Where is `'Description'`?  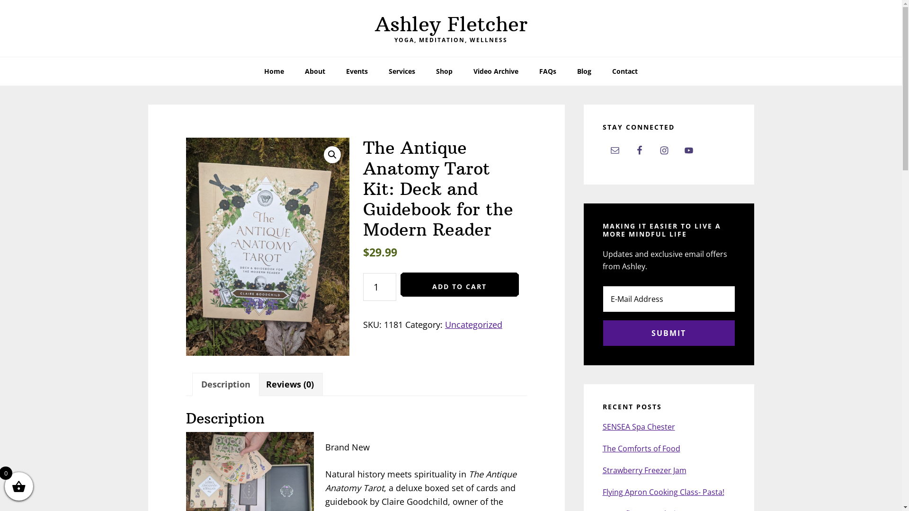 'Description' is located at coordinates (224, 384).